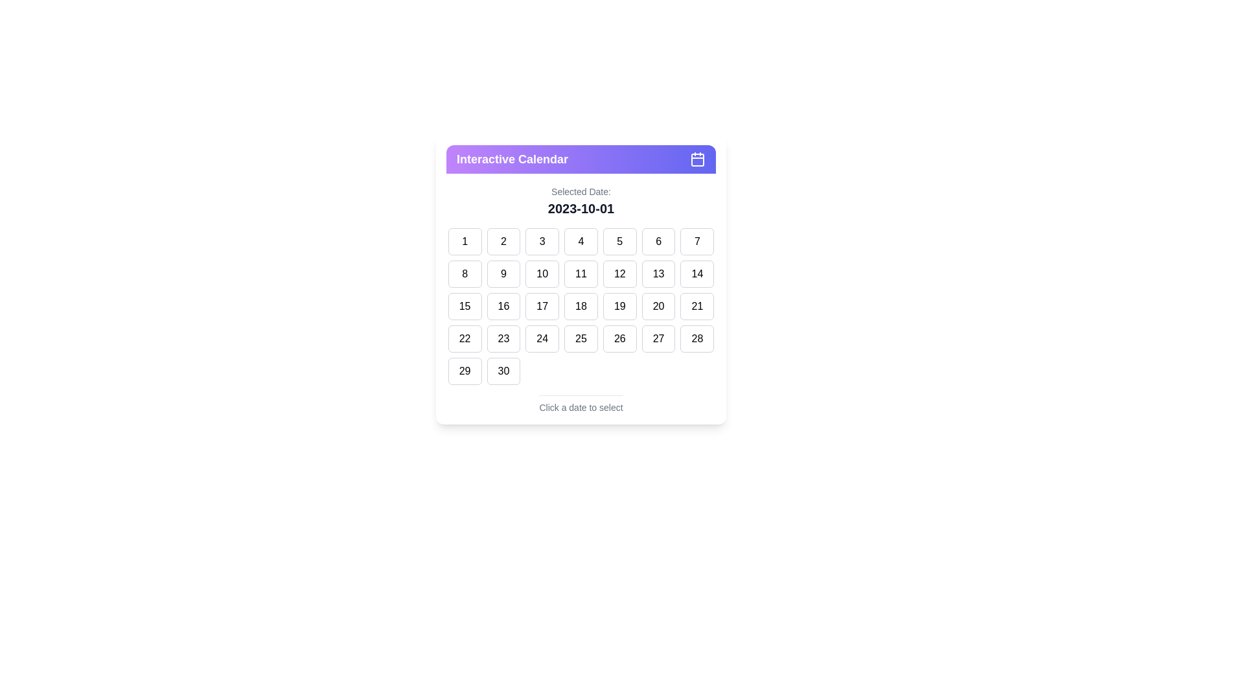  What do you see at coordinates (465, 242) in the screenshot?
I see `the rectangular button labeled '1' with a white background and bold black text` at bounding box center [465, 242].